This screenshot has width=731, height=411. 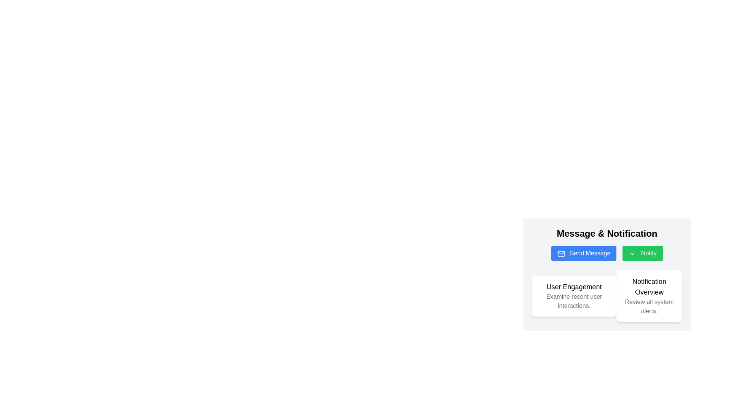 What do you see at coordinates (607, 233) in the screenshot?
I see `the static text header that introduces the content and functionality of the section, positioned at the top-center of a light gray panel` at bounding box center [607, 233].